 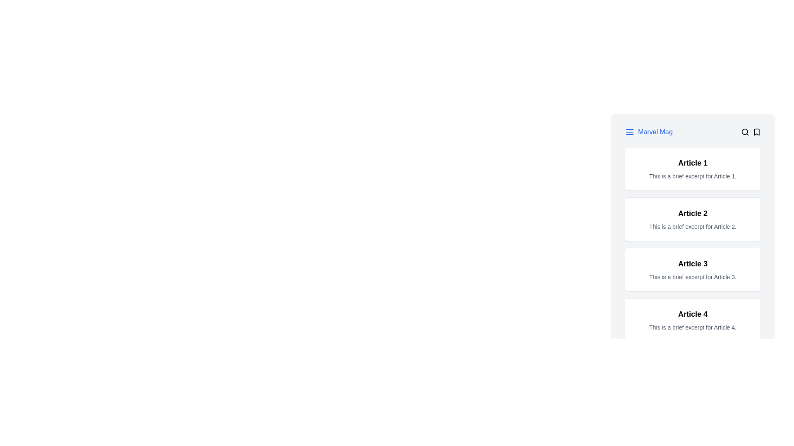 I want to click on the Bookmark icon located at the top-right corner of the interface, so click(x=756, y=132).